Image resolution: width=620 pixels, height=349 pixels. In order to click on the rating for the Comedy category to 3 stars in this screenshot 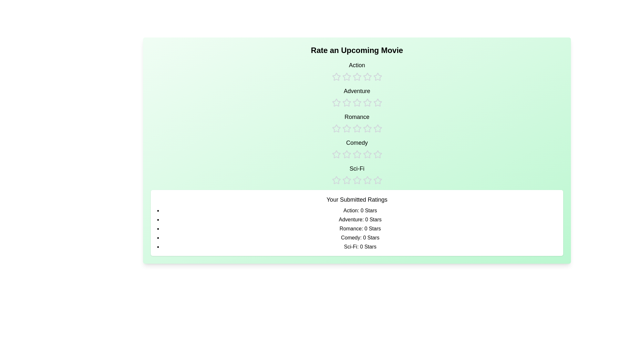, I will do `click(356, 148)`.